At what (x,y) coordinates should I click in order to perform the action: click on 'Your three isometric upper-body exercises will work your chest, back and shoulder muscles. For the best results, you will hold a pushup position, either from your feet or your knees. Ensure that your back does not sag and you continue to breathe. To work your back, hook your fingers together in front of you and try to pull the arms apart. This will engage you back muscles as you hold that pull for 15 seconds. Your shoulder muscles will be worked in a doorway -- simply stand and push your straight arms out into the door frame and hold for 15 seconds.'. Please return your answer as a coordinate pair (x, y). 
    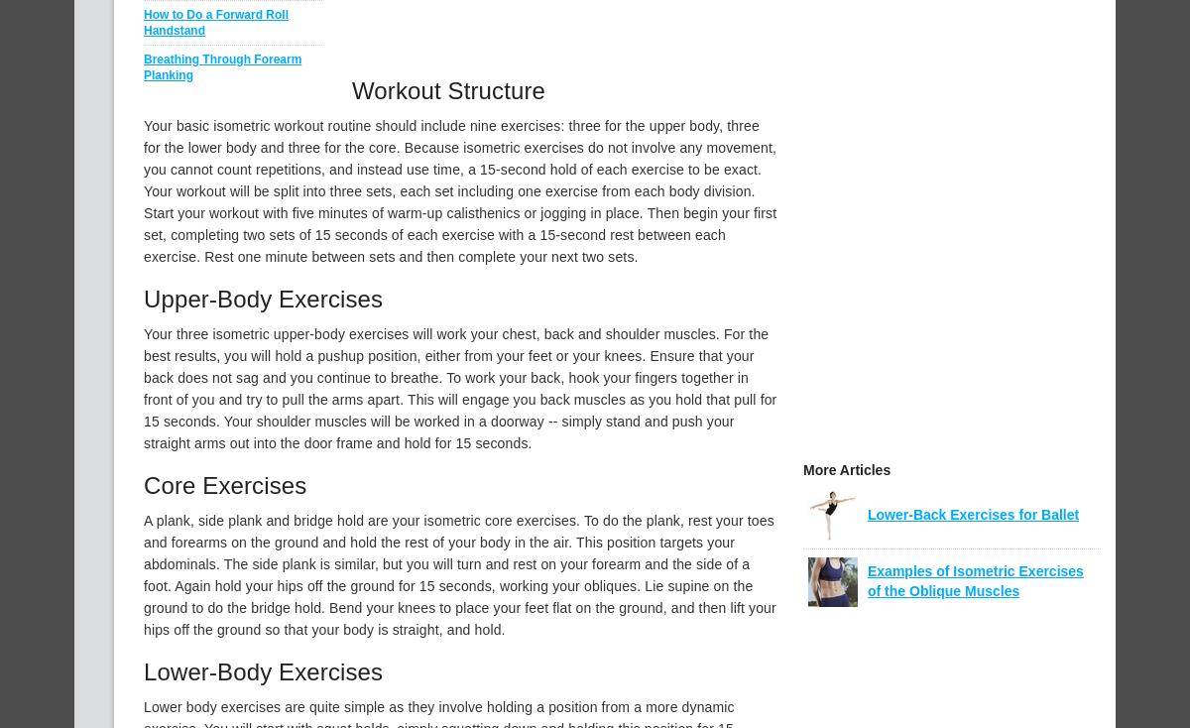
    Looking at the image, I should click on (459, 388).